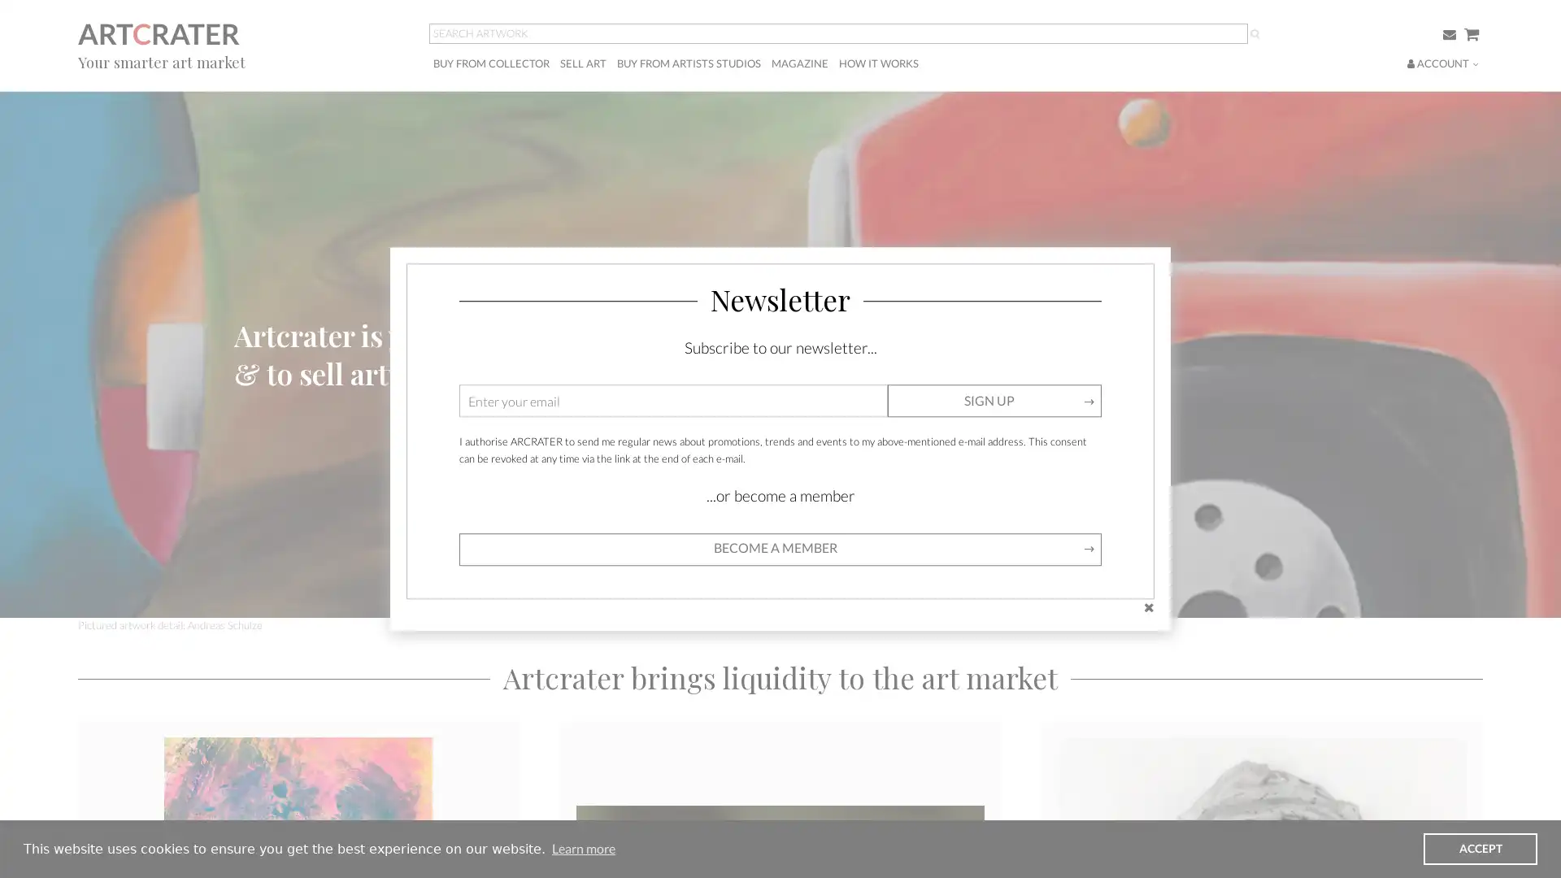  I want to click on BECOME A MEMBER, so click(300, 392).